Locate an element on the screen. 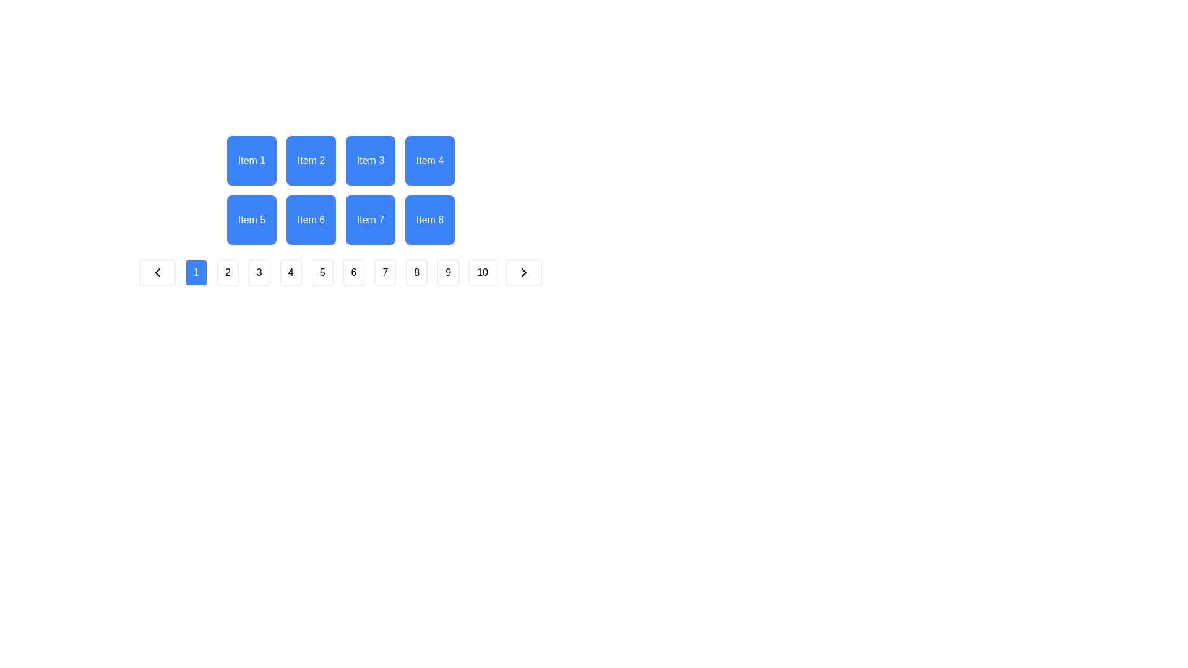  the third item in the first row of the grid layout, which is visually distinct and located between 'Item 2' and 'Item 4' is located at coordinates (370, 160).